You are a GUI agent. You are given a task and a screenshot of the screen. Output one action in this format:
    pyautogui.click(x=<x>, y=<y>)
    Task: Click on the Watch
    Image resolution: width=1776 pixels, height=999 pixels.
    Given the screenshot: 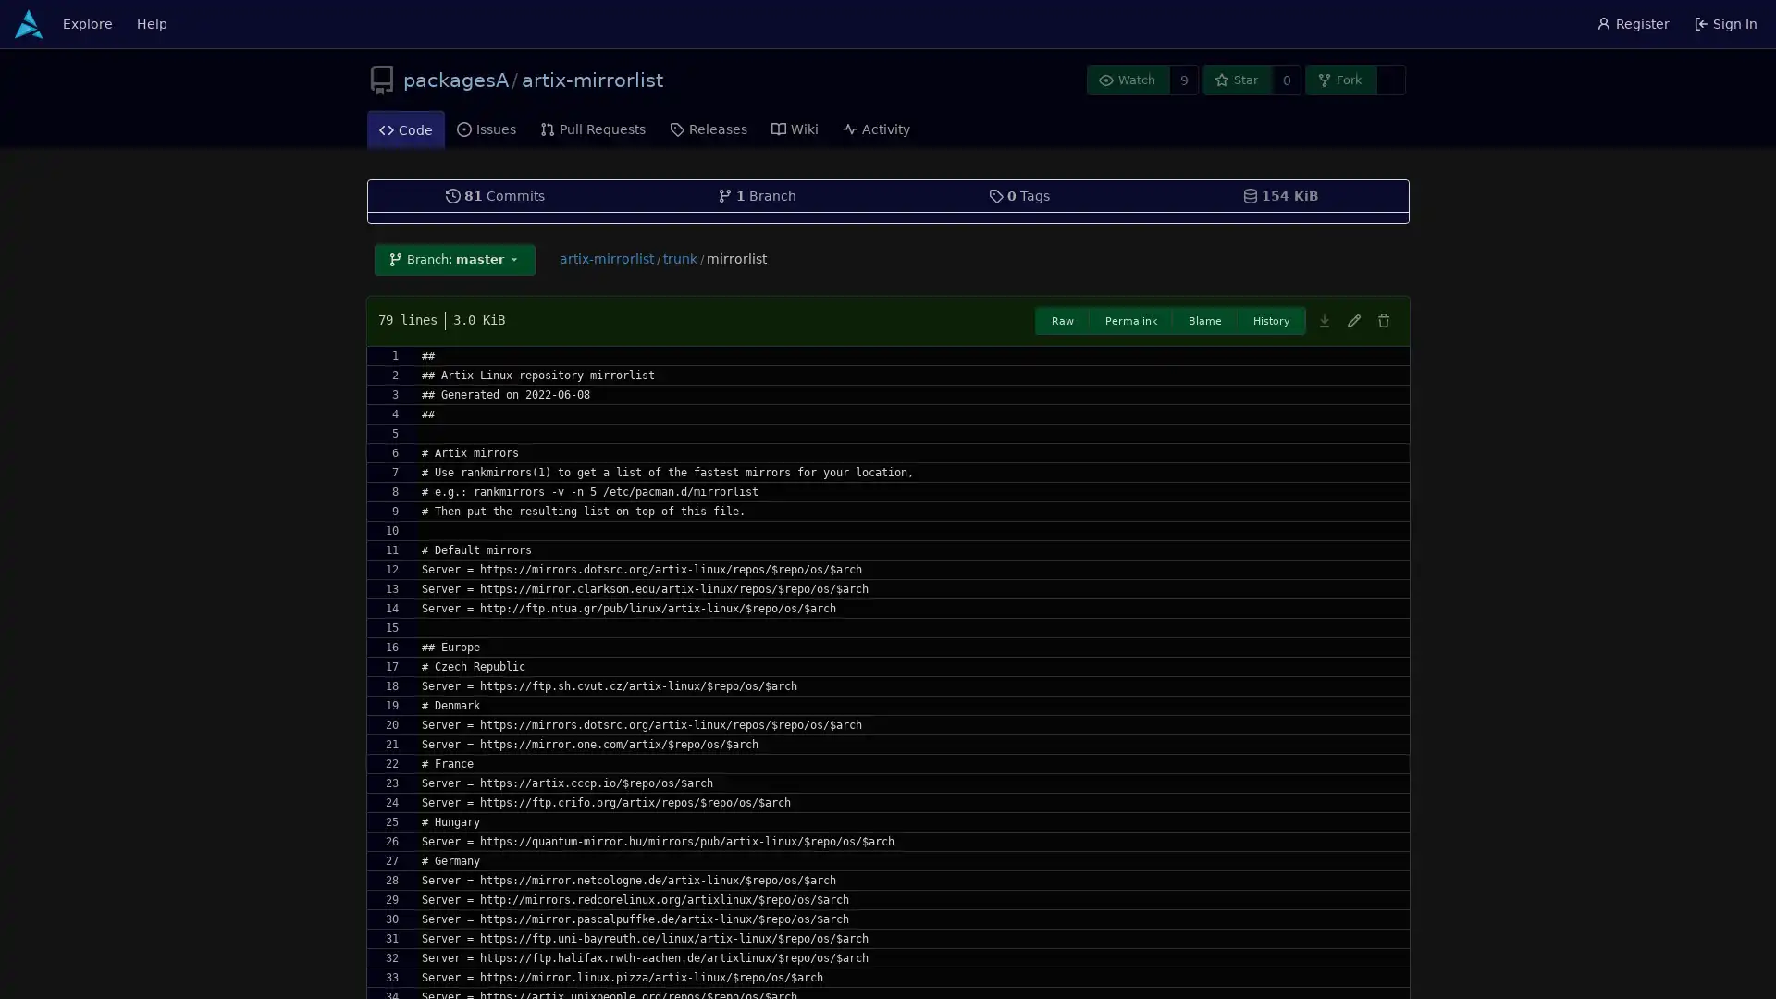 What is the action you would take?
    pyautogui.click(x=1127, y=79)
    